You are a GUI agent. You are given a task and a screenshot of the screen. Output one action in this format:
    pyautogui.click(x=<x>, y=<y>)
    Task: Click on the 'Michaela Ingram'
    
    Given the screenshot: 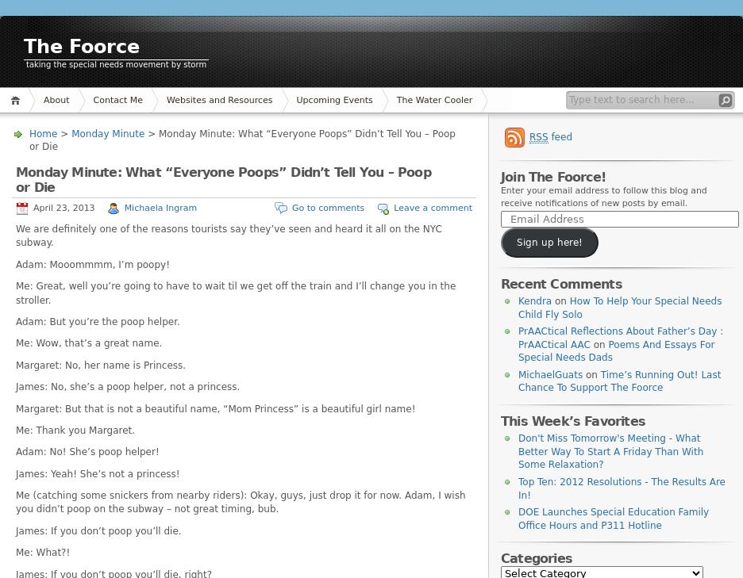 What is the action you would take?
    pyautogui.click(x=160, y=207)
    